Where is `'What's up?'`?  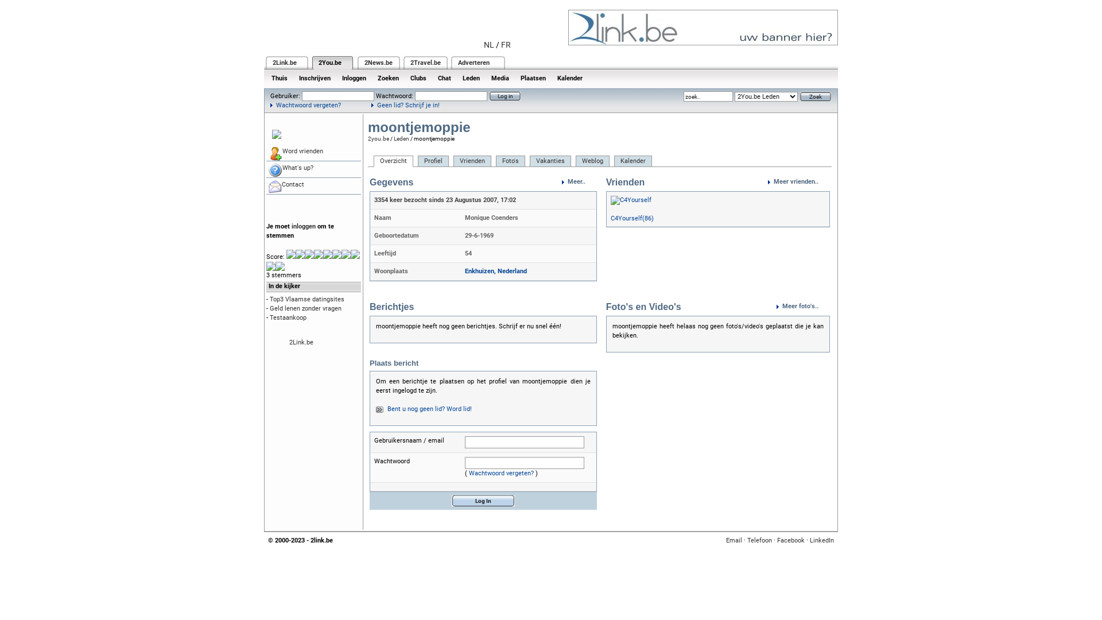 'What's up?' is located at coordinates (266, 169).